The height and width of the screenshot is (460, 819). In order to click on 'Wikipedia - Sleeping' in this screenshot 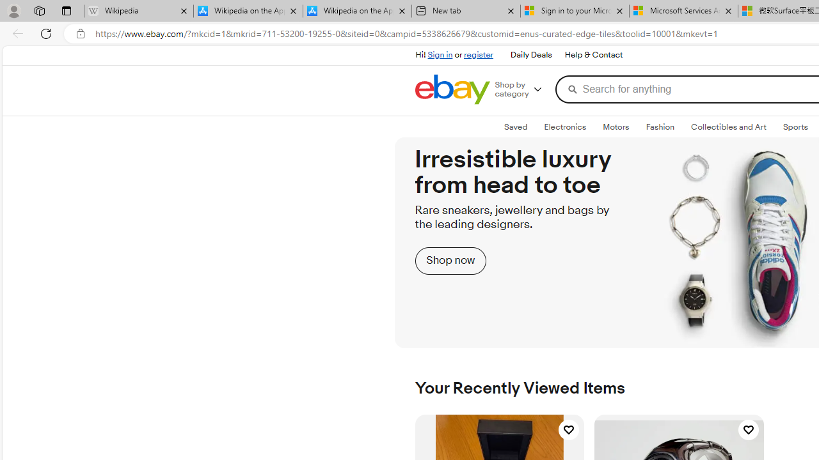, I will do `click(138, 11)`.